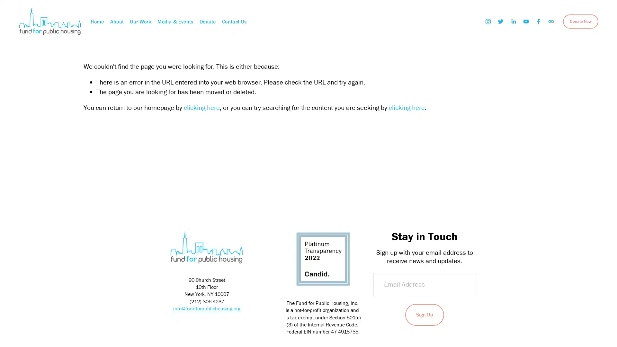 The image size is (617, 347). Describe the element at coordinates (424, 314) in the screenshot. I see `Sign Up` at that location.